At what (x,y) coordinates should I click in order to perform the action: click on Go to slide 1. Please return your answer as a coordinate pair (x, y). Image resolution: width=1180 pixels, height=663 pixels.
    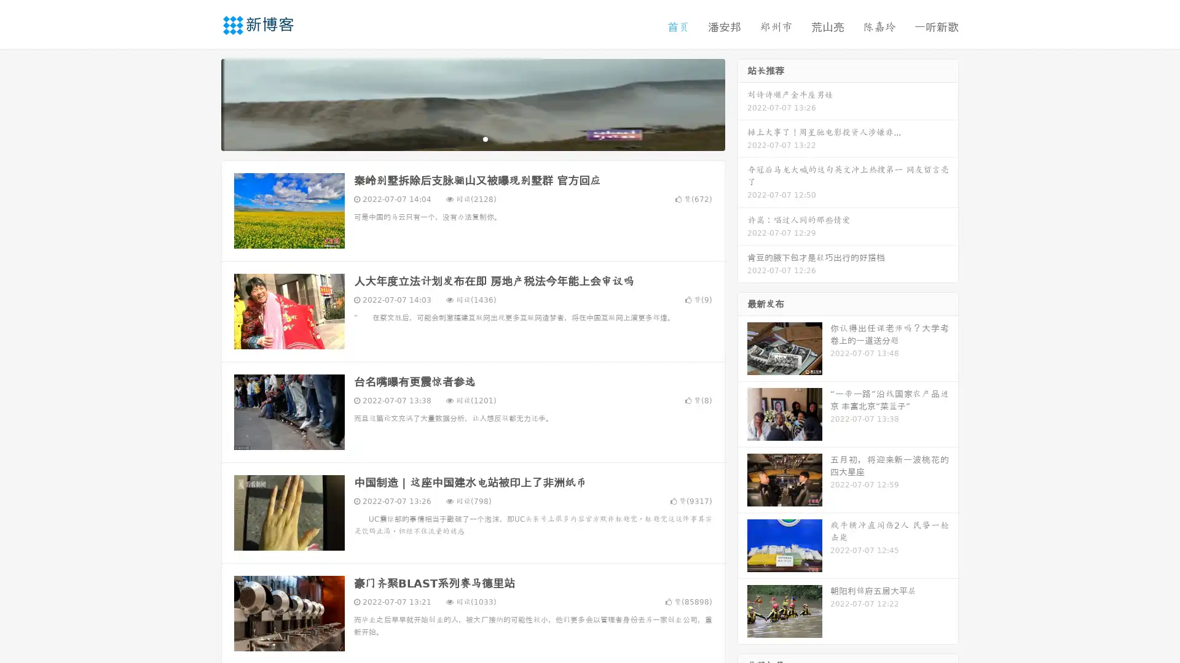
    Looking at the image, I should click on (460, 138).